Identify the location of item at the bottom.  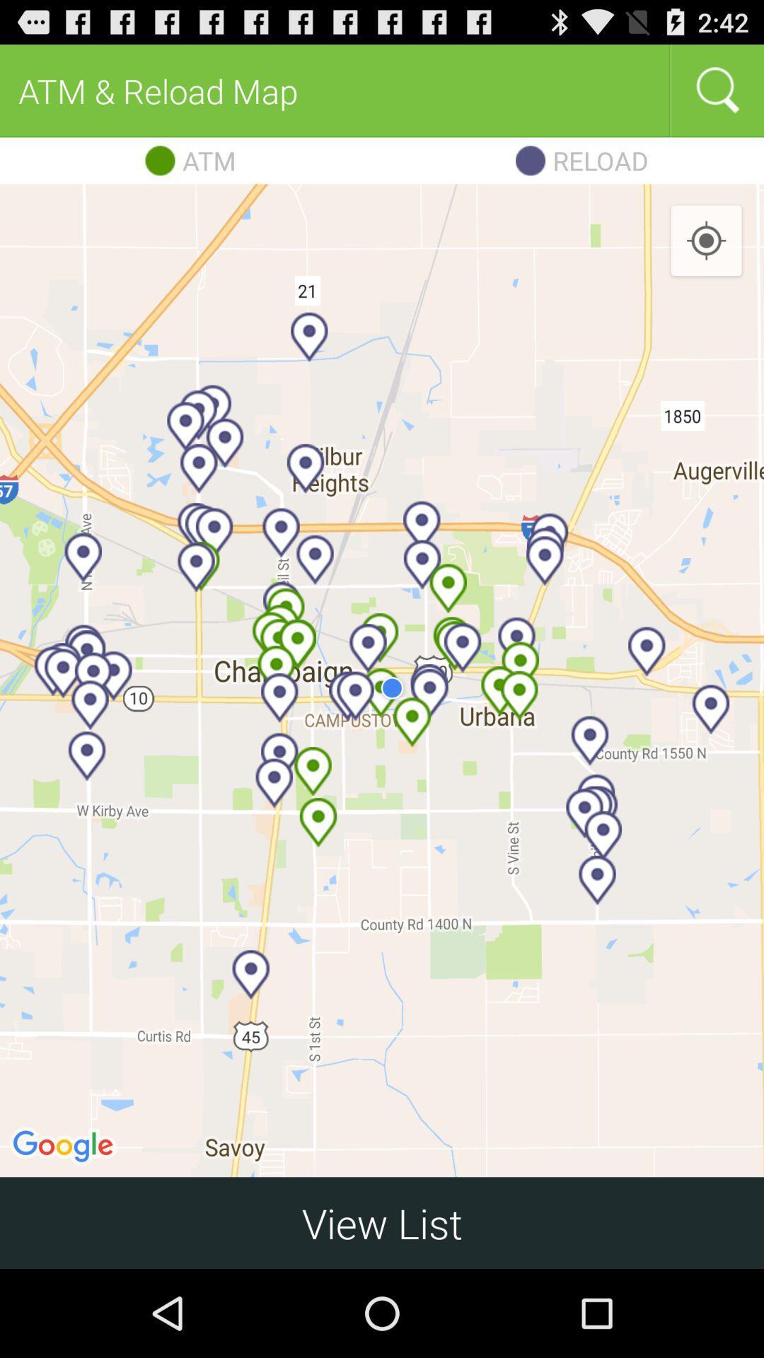
(382, 1222).